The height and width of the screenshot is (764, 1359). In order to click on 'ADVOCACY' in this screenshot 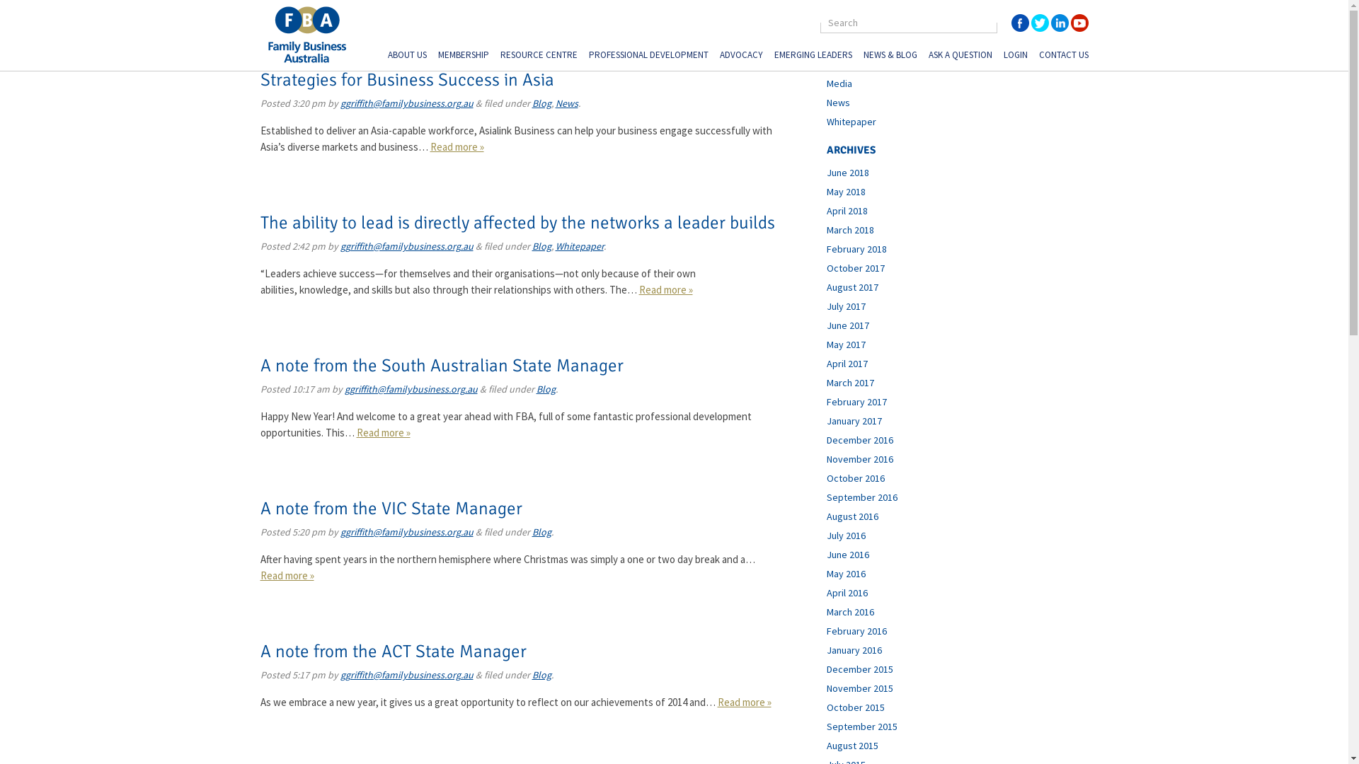, I will do `click(740, 56)`.